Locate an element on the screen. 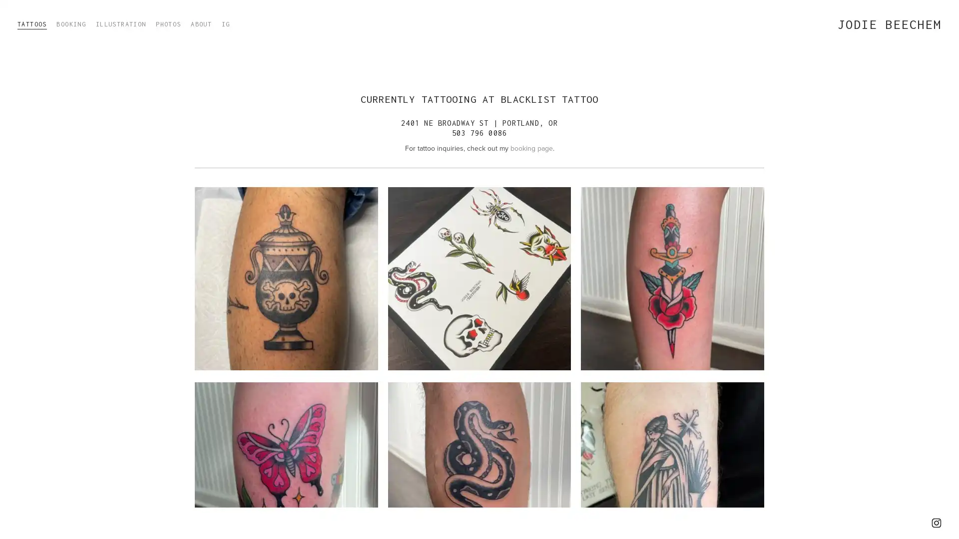 The image size is (959, 539). Close is located at coordinates (623, 185).